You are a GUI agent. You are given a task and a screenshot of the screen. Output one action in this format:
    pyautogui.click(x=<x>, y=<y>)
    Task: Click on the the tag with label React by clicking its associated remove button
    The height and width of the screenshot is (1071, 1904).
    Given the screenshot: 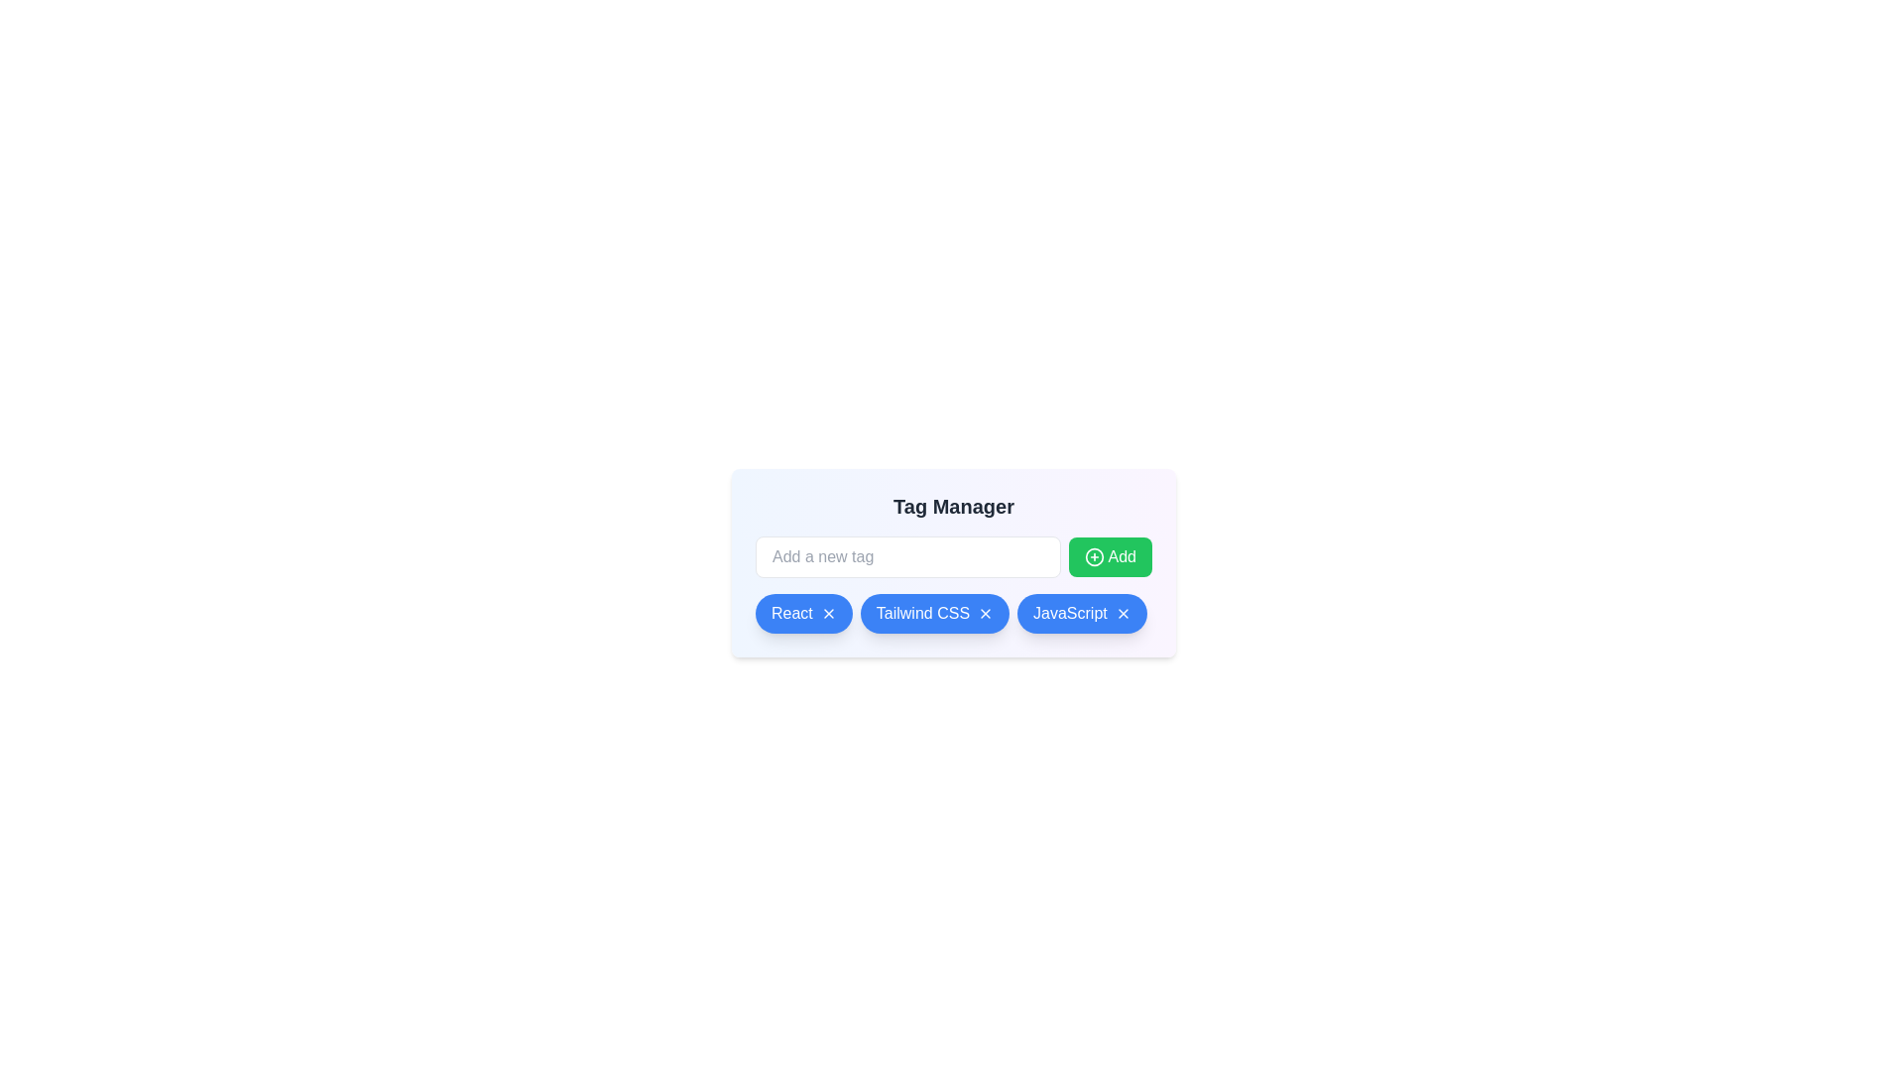 What is the action you would take?
    pyautogui.click(x=828, y=612)
    